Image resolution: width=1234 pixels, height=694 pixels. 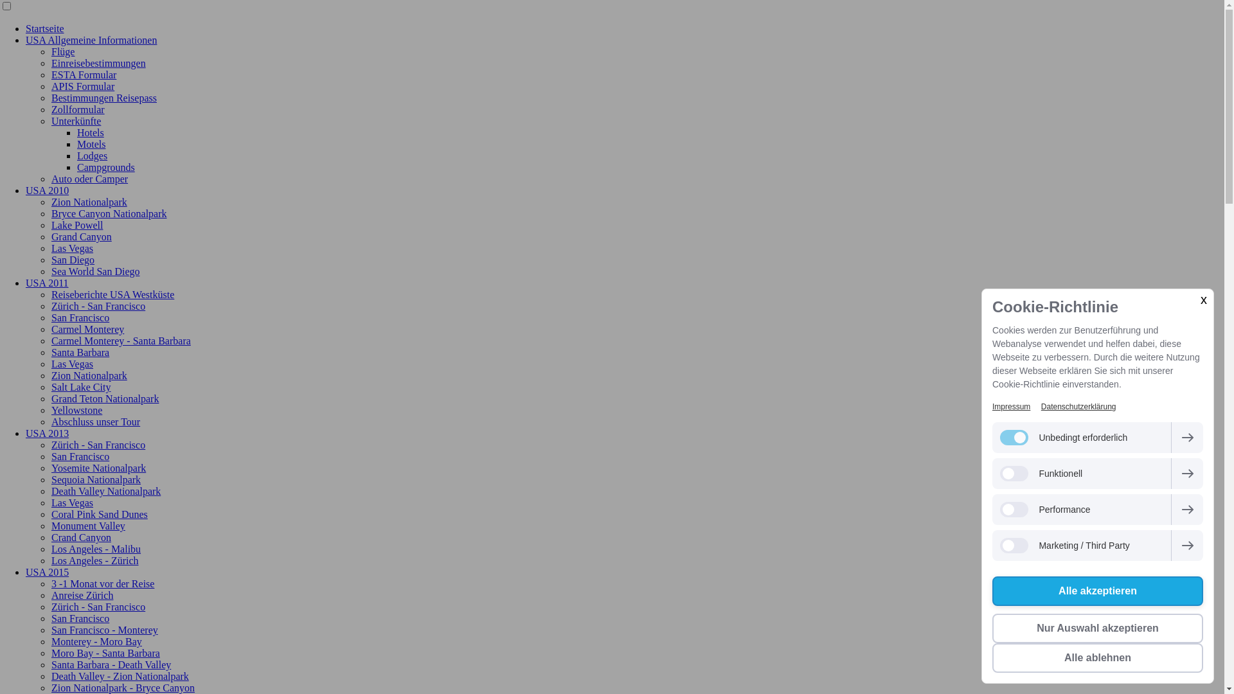 What do you see at coordinates (89, 202) in the screenshot?
I see `'Zion Nationalpark'` at bounding box center [89, 202].